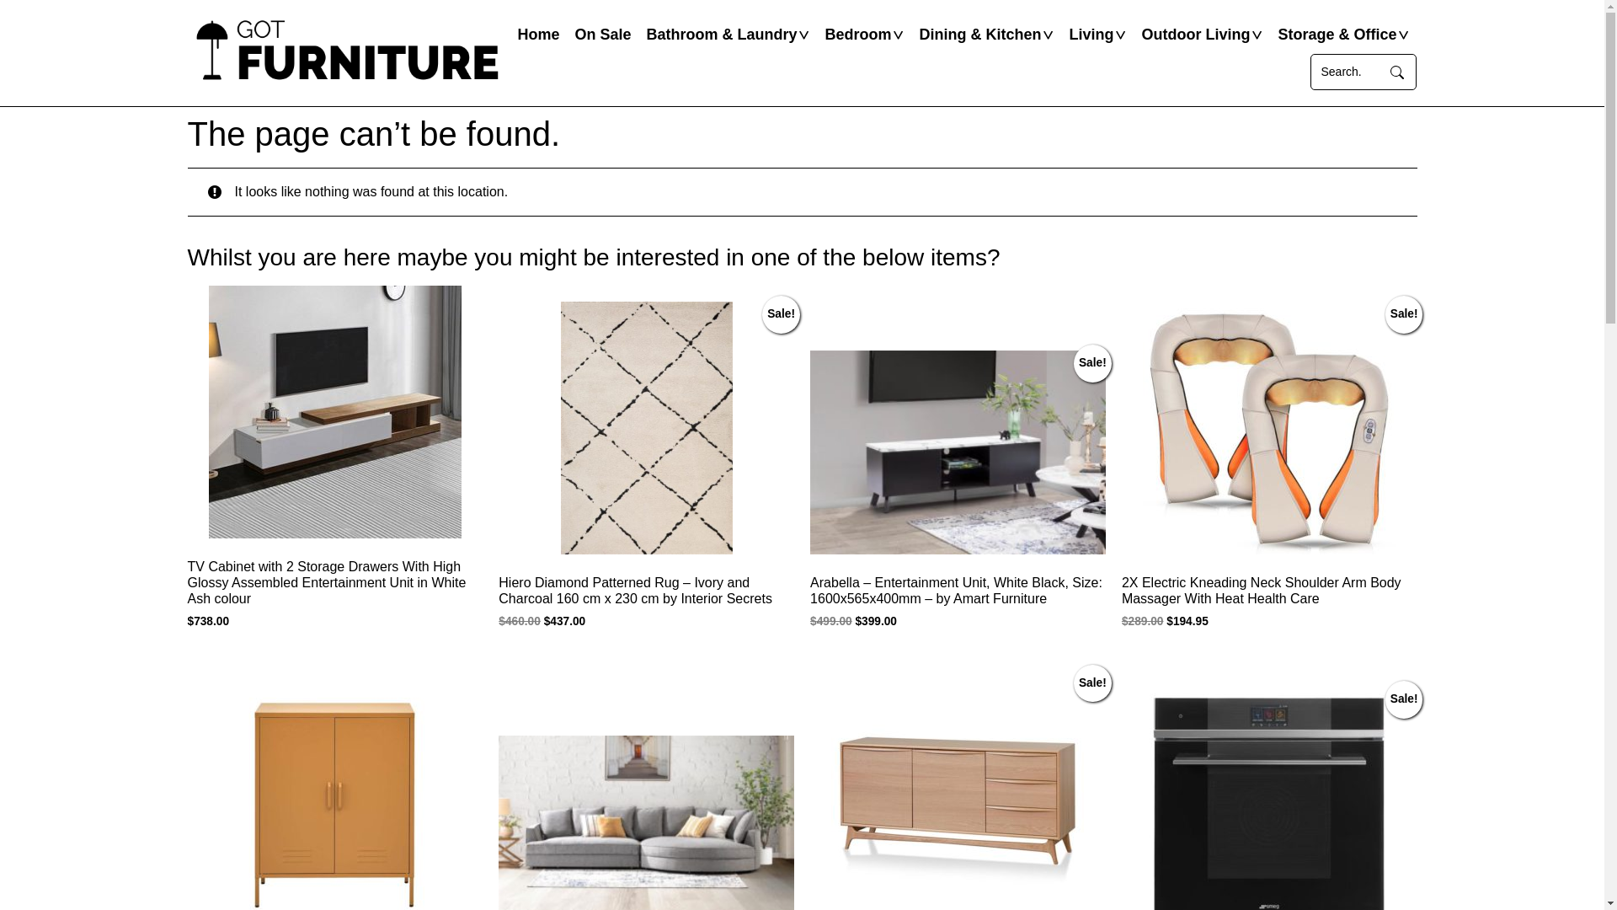  What do you see at coordinates (857, 35) in the screenshot?
I see `'Bedroom'` at bounding box center [857, 35].